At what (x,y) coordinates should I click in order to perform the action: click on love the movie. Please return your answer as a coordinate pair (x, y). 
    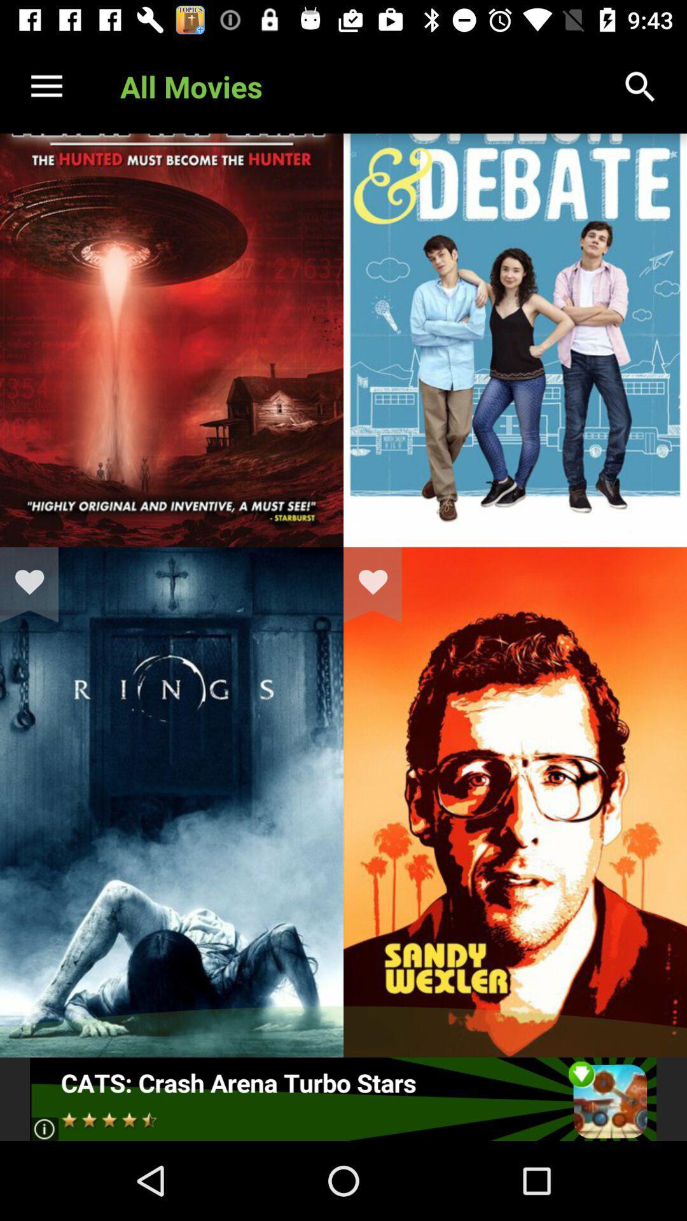
    Looking at the image, I should click on (380, 584).